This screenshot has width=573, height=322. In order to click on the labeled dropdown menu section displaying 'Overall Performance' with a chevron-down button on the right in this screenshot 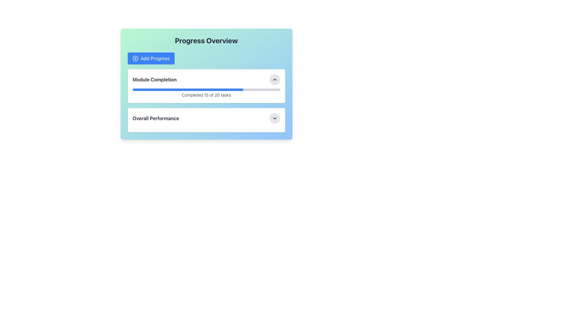, I will do `click(206, 118)`.